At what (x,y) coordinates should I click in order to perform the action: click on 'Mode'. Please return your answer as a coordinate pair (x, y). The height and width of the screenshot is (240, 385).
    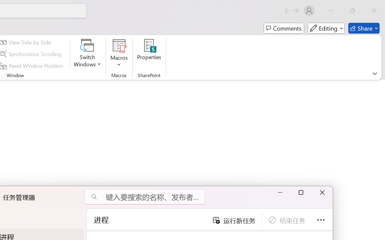
    Looking at the image, I should click on (326, 28).